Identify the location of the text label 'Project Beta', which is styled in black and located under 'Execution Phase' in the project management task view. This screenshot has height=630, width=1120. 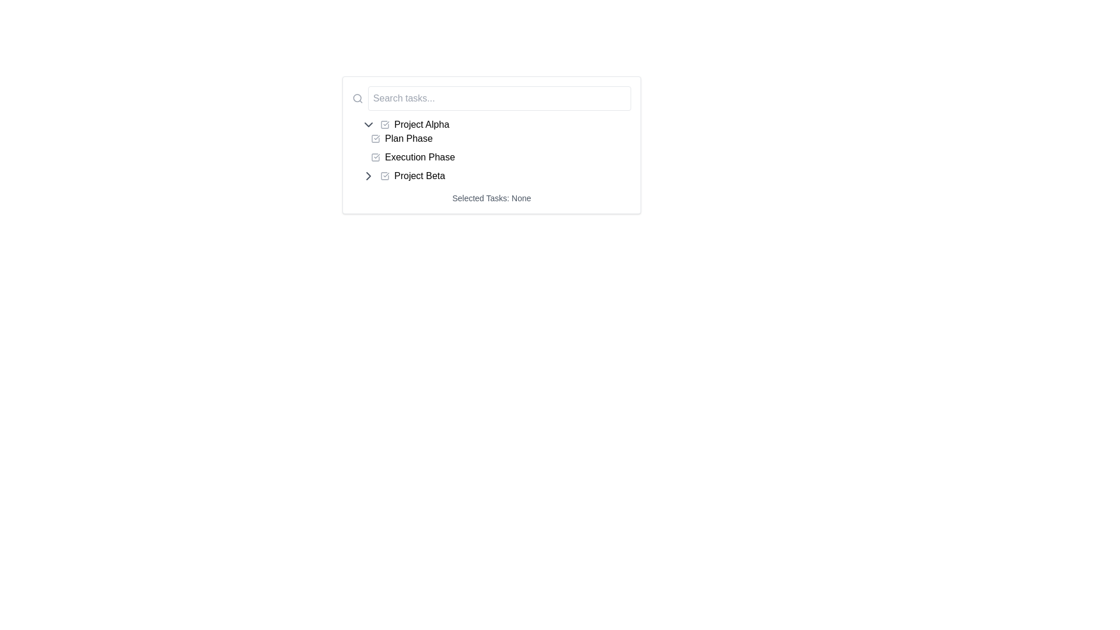
(419, 176).